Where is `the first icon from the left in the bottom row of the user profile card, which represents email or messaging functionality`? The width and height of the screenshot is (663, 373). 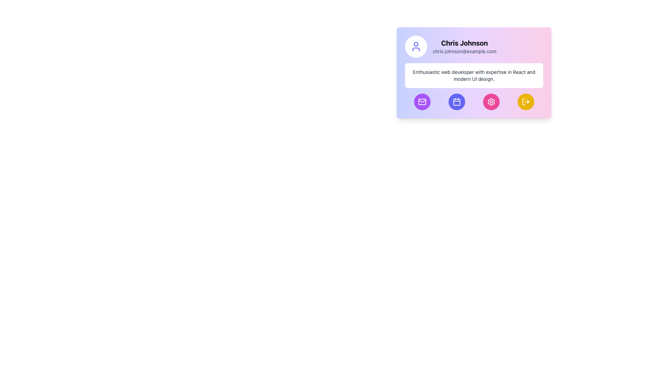
the first icon from the left in the bottom row of the user profile card, which represents email or messaging functionality is located at coordinates (422, 102).